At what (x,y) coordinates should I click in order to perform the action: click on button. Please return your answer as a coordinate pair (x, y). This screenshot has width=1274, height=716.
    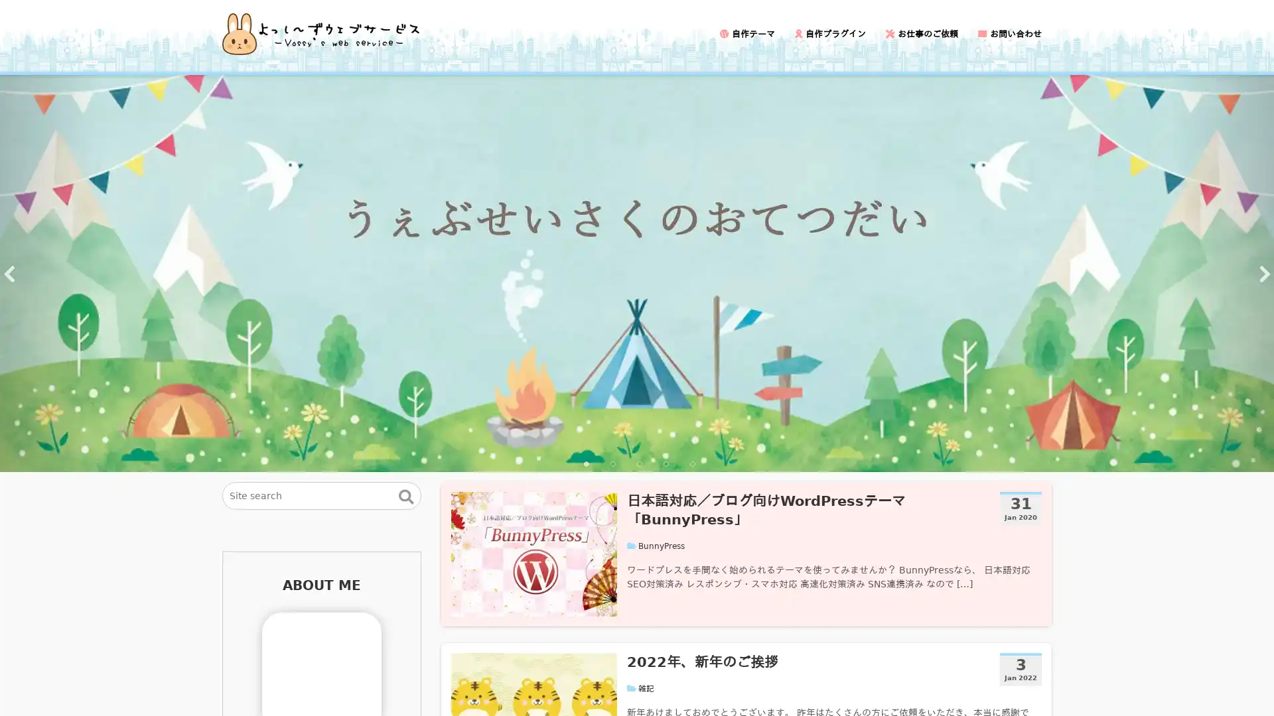
    Looking at the image, I should click on (405, 496).